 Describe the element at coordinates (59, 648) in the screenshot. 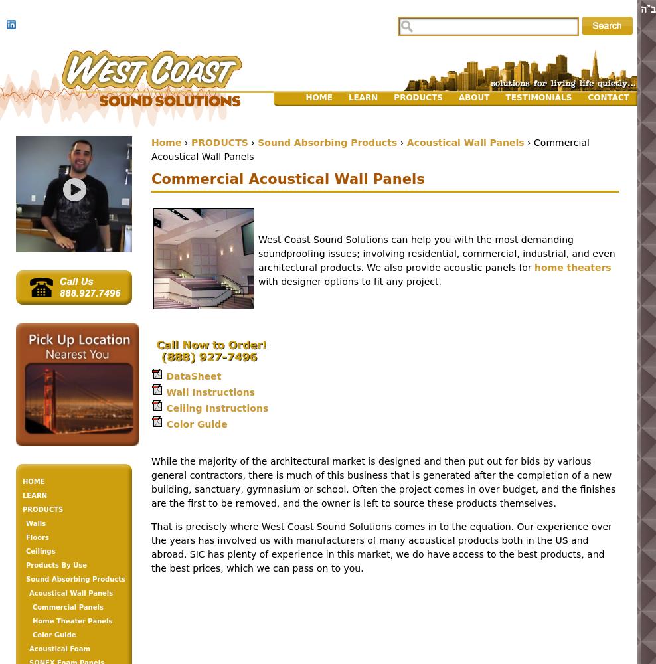

I see `'Acoustical Foam'` at that location.